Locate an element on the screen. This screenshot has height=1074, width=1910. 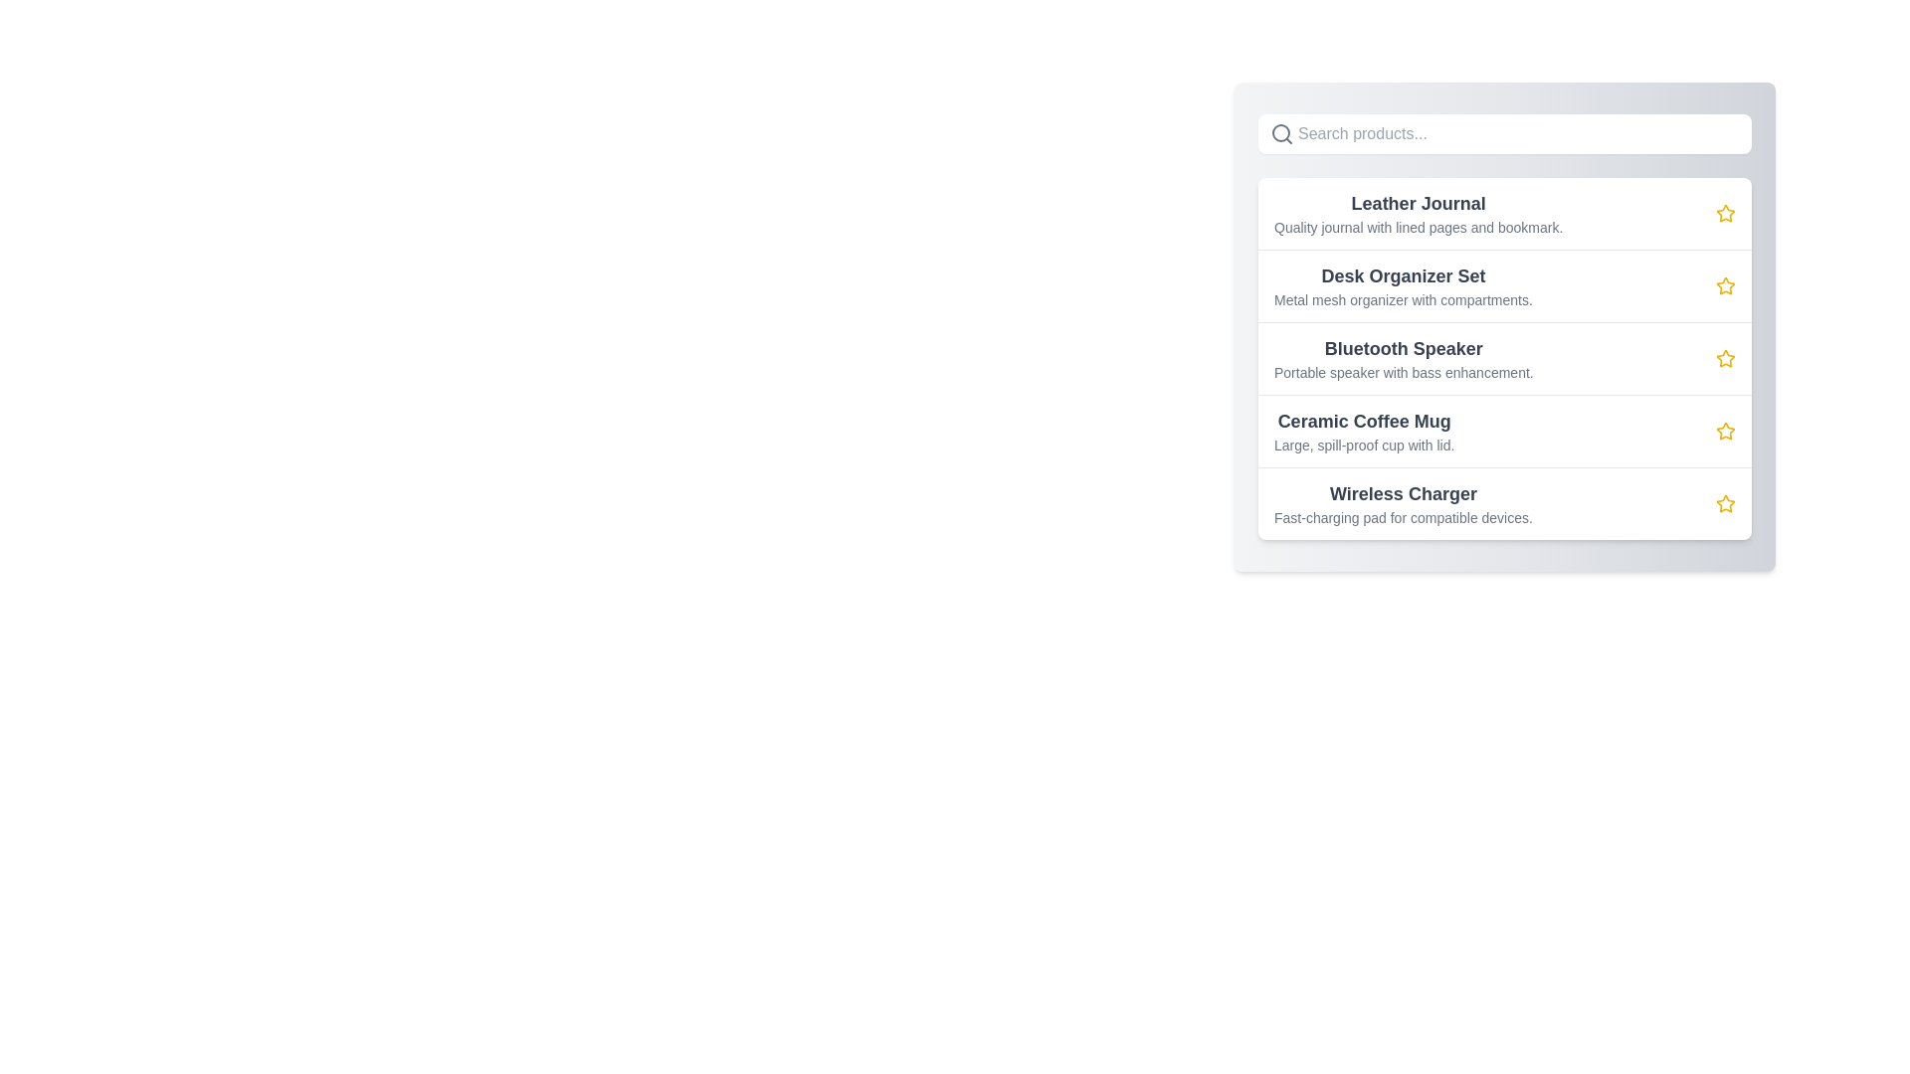
the informational block displaying 'Leather Journal' with its title in bold dark gray and description in lighter gray, located at the top of the list in the vertical menu is located at coordinates (1418, 214).